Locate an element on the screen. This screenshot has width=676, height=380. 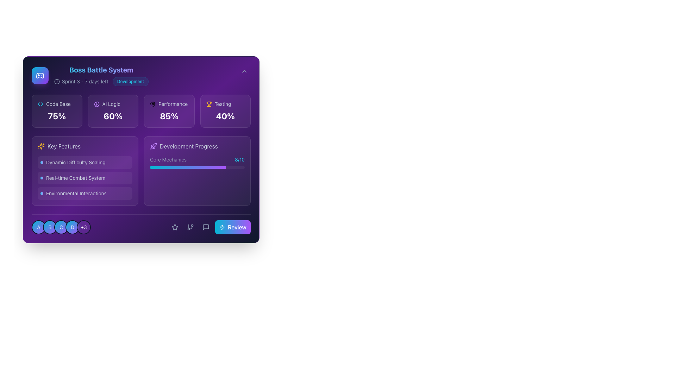
the circular avatar icon containing the letter 'C', which is the third icon in a horizontal list of circular components with gradient backgrounds is located at coordinates (61, 227).